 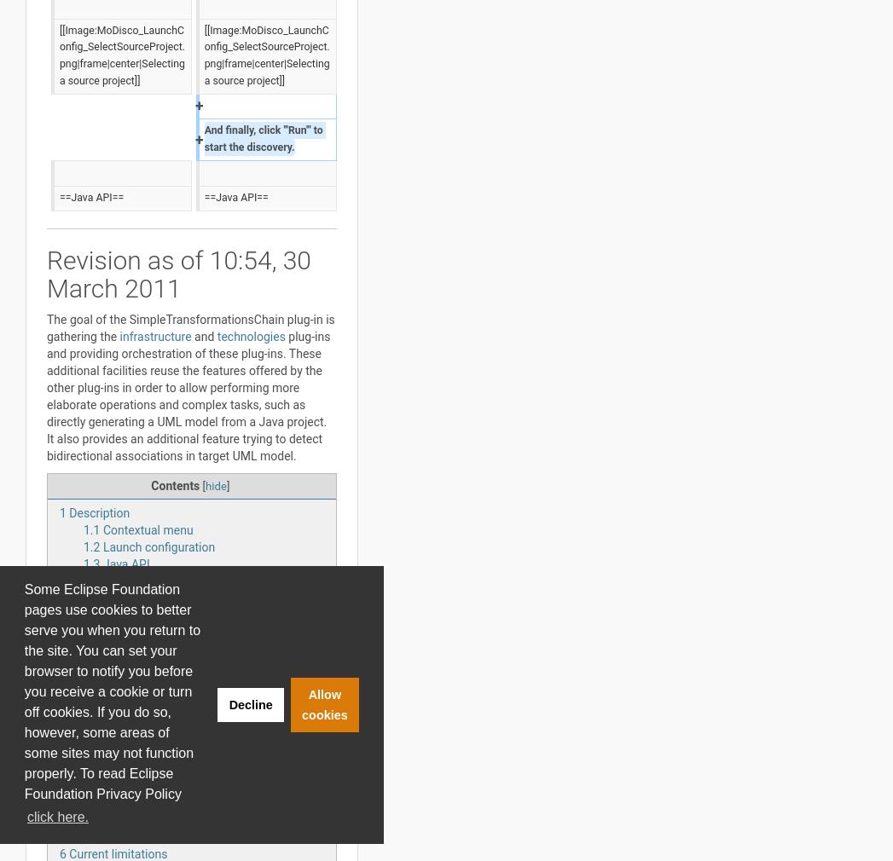 I want to click on '5.2', so click(x=90, y=667).